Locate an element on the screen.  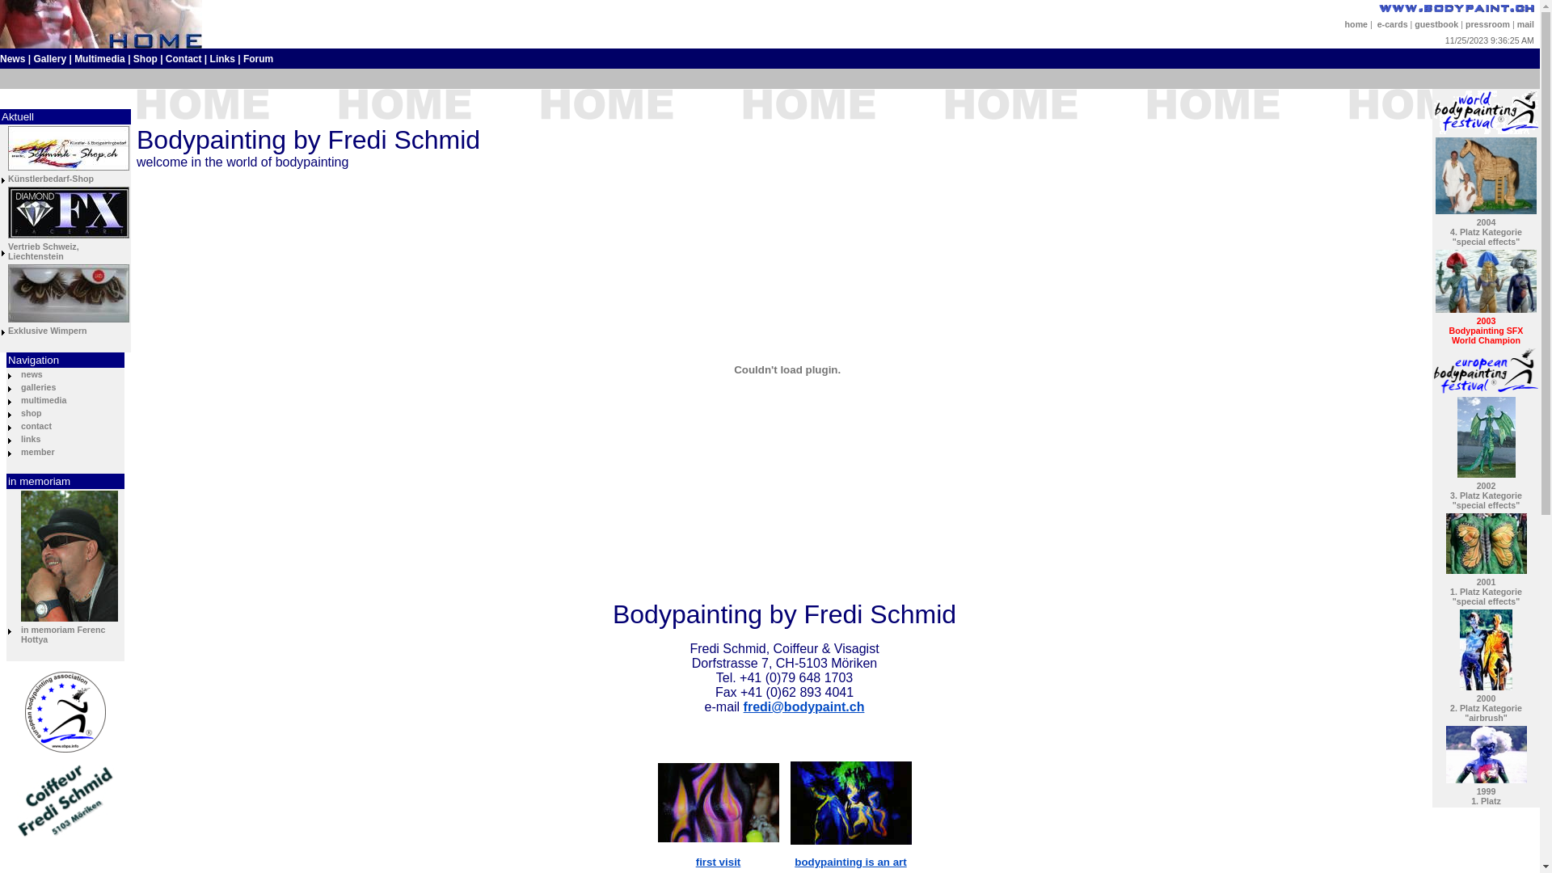
'1999 is located at coordinates (1486, 795).